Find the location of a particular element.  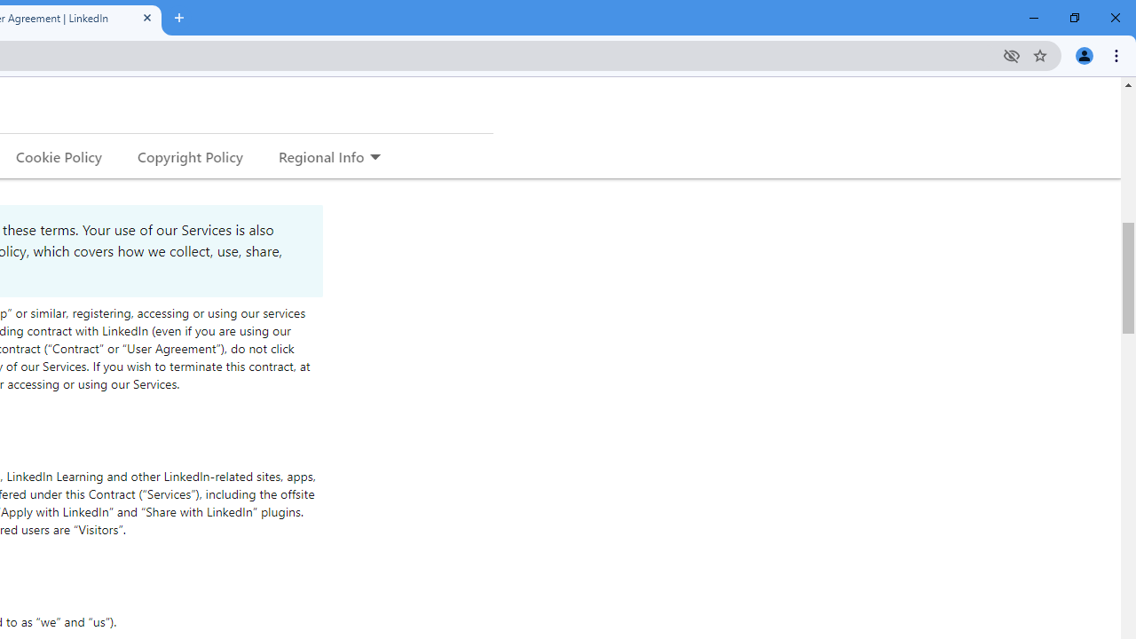

'Cookie Policy' is located at coordinates (59, 155).